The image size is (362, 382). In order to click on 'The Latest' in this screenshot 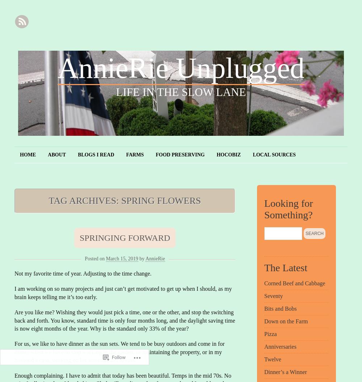, I will do `click(264, 268)`.